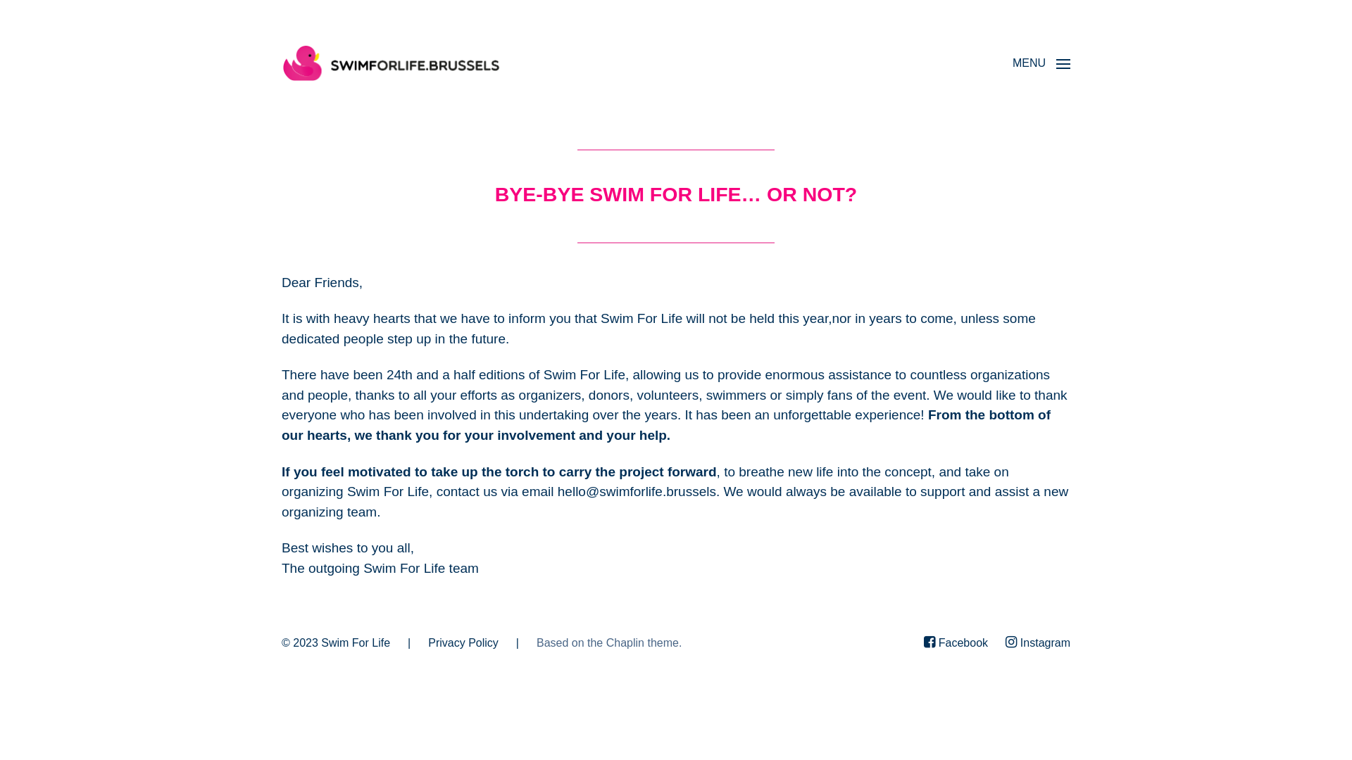  I want to click on 'Instagram', so click(1037, 643).